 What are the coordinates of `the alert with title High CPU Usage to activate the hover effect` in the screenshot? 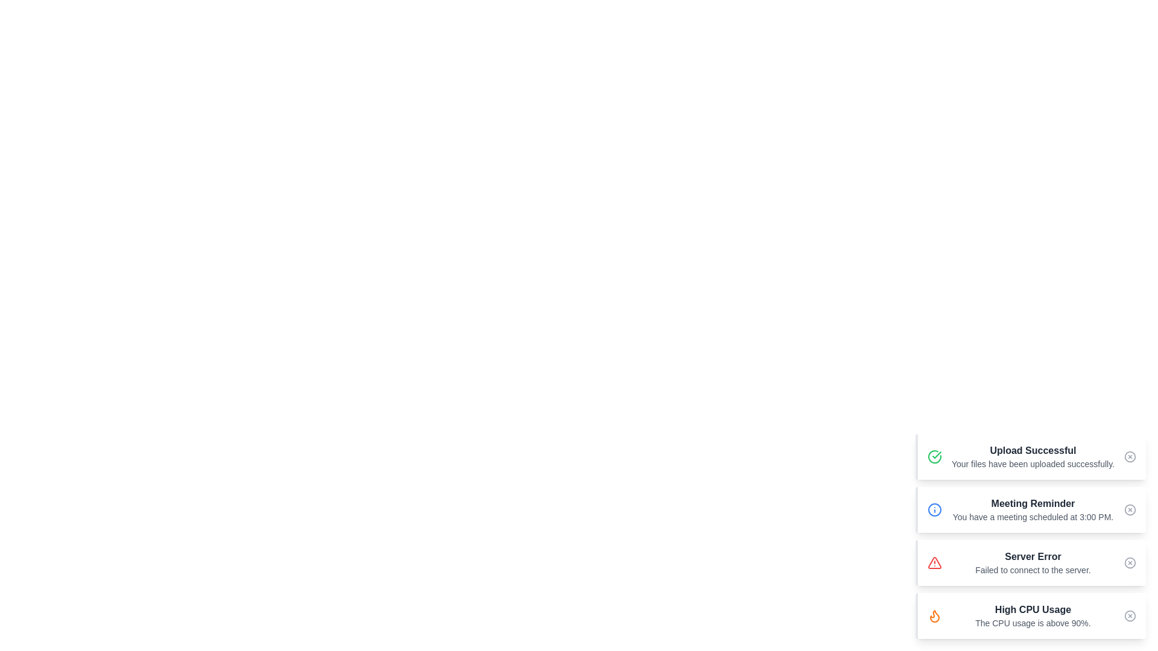 It's located at (1030, 616).